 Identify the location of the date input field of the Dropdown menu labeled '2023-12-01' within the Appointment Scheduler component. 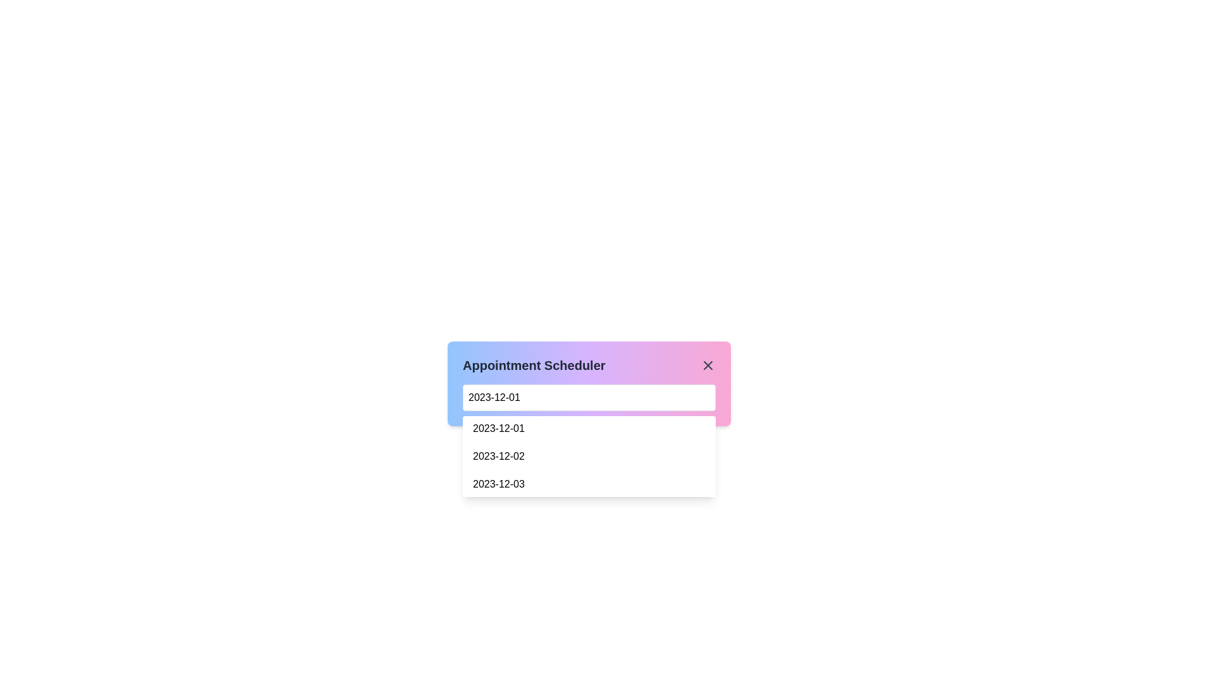
(588, 383).